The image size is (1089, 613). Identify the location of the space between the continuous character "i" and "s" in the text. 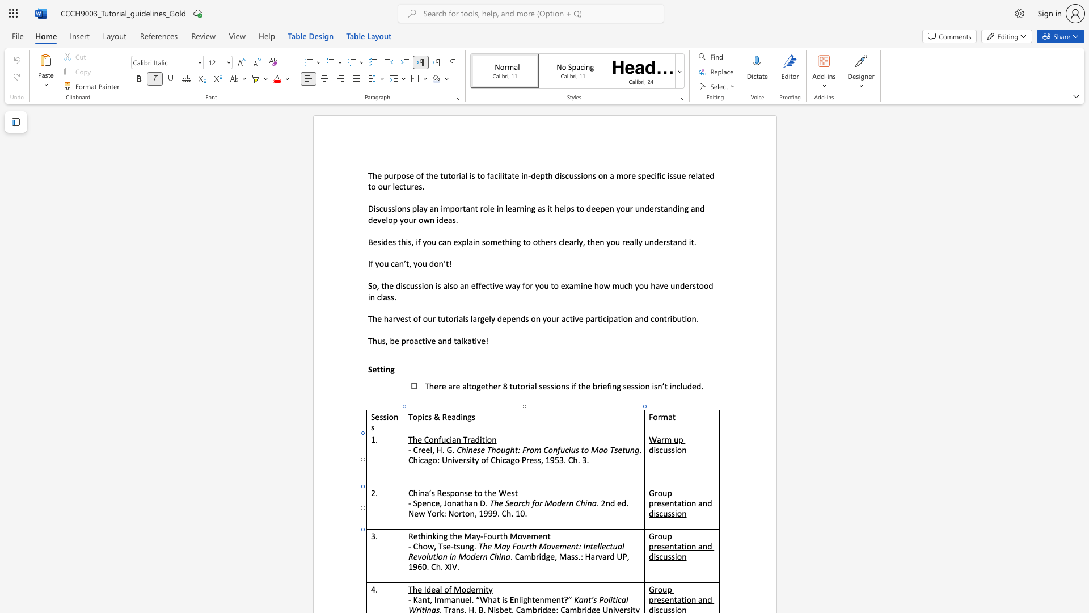
(656, 513).